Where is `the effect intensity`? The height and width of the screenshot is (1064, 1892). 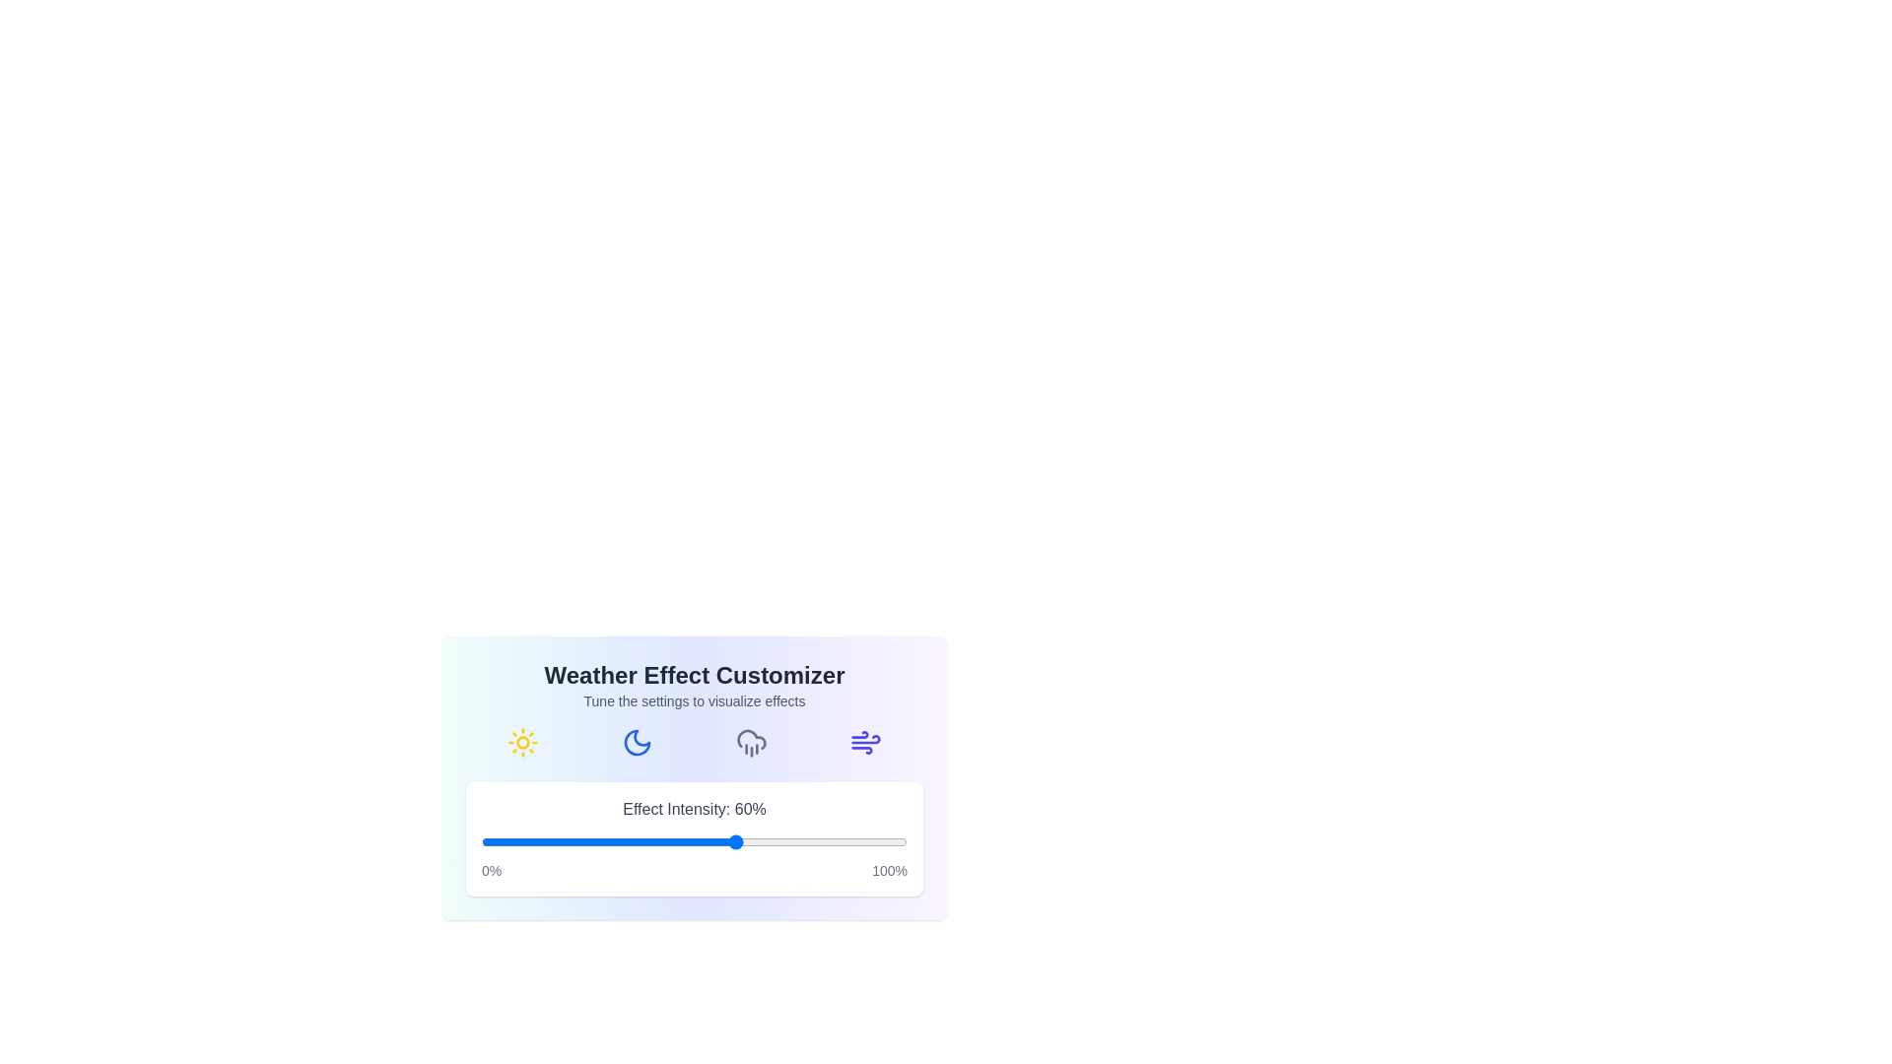
the effect intensity is located at coordinates (860, 842).